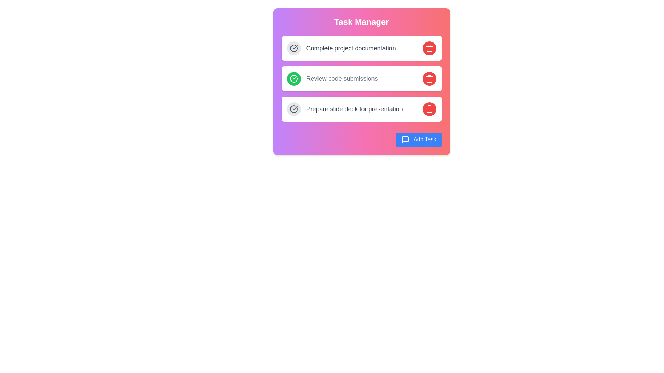 The height and width of the screenshot is (373, 664). What do you see at coordinates (294, 48) in the screenshot?
I see `the circular icon with a checkmark inside, which indicates a completed status, located to the left of the task title 'Complete project documentation' in the top task row of the task manager interface` at bounding box center [294, 48].